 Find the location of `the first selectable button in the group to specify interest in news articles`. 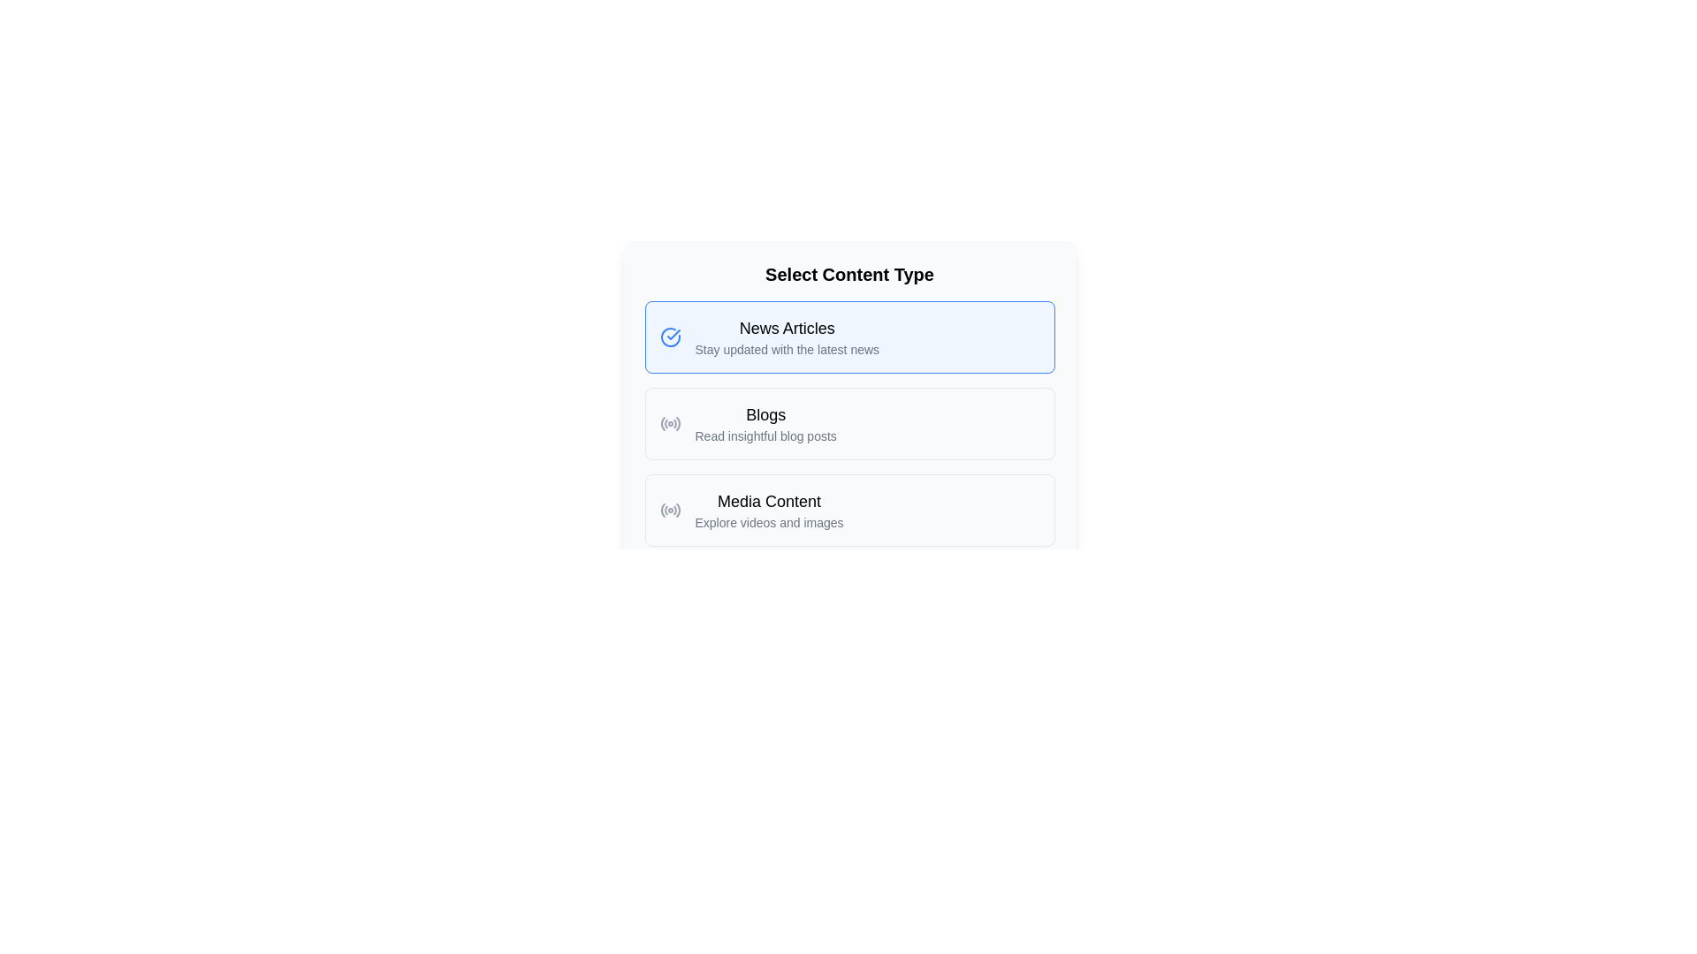

the first selectable button in the group to specify interest in news articles is located at coordinates (849, 337).